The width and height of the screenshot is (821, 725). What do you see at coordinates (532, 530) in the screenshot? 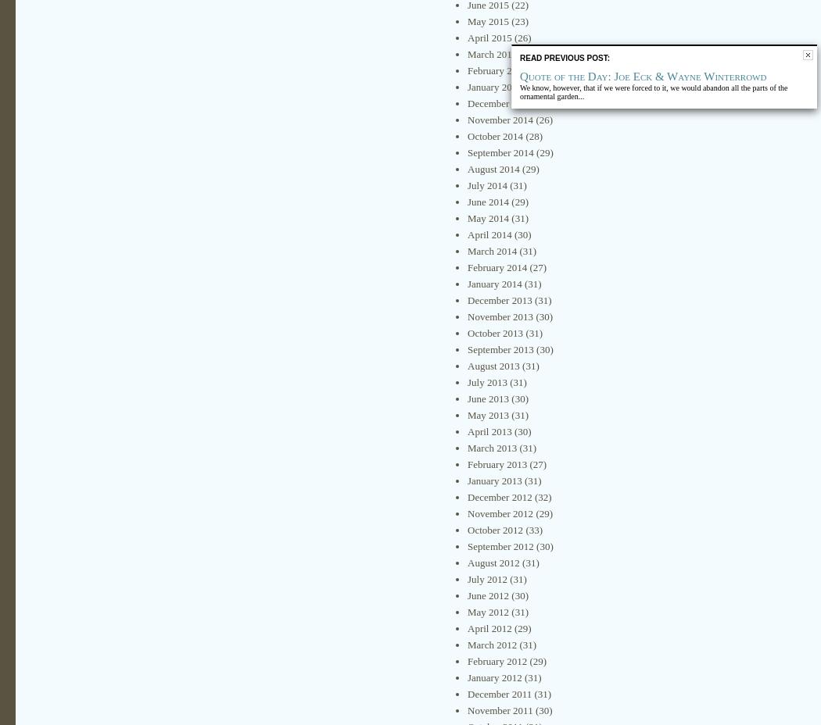
I see `'(33)'` at bounding box center [532, 530].